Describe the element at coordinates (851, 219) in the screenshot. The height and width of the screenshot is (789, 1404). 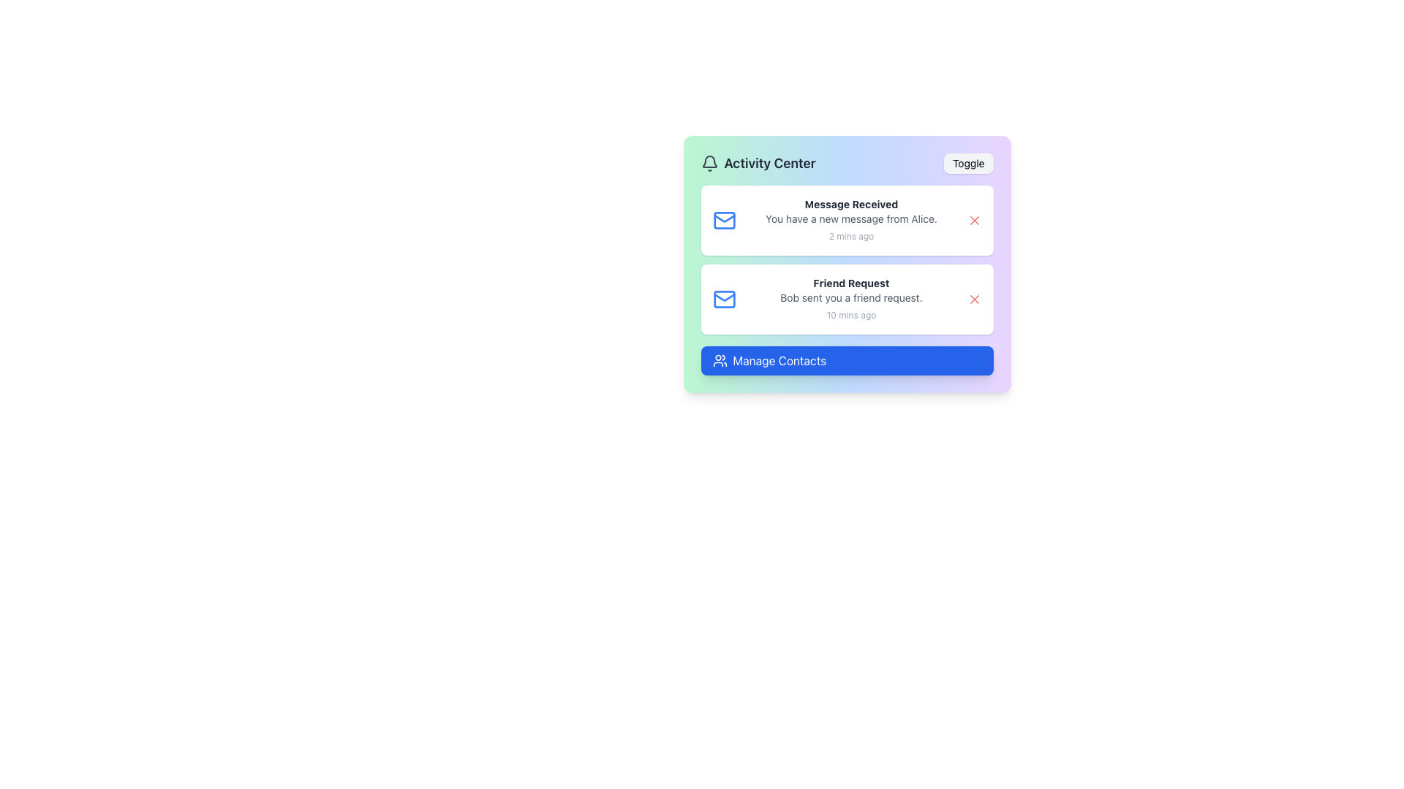
I see `text content of the notification informing about a new message received from Alice, located beneath the bold heading 'Message Received' in the notification card` at that location.